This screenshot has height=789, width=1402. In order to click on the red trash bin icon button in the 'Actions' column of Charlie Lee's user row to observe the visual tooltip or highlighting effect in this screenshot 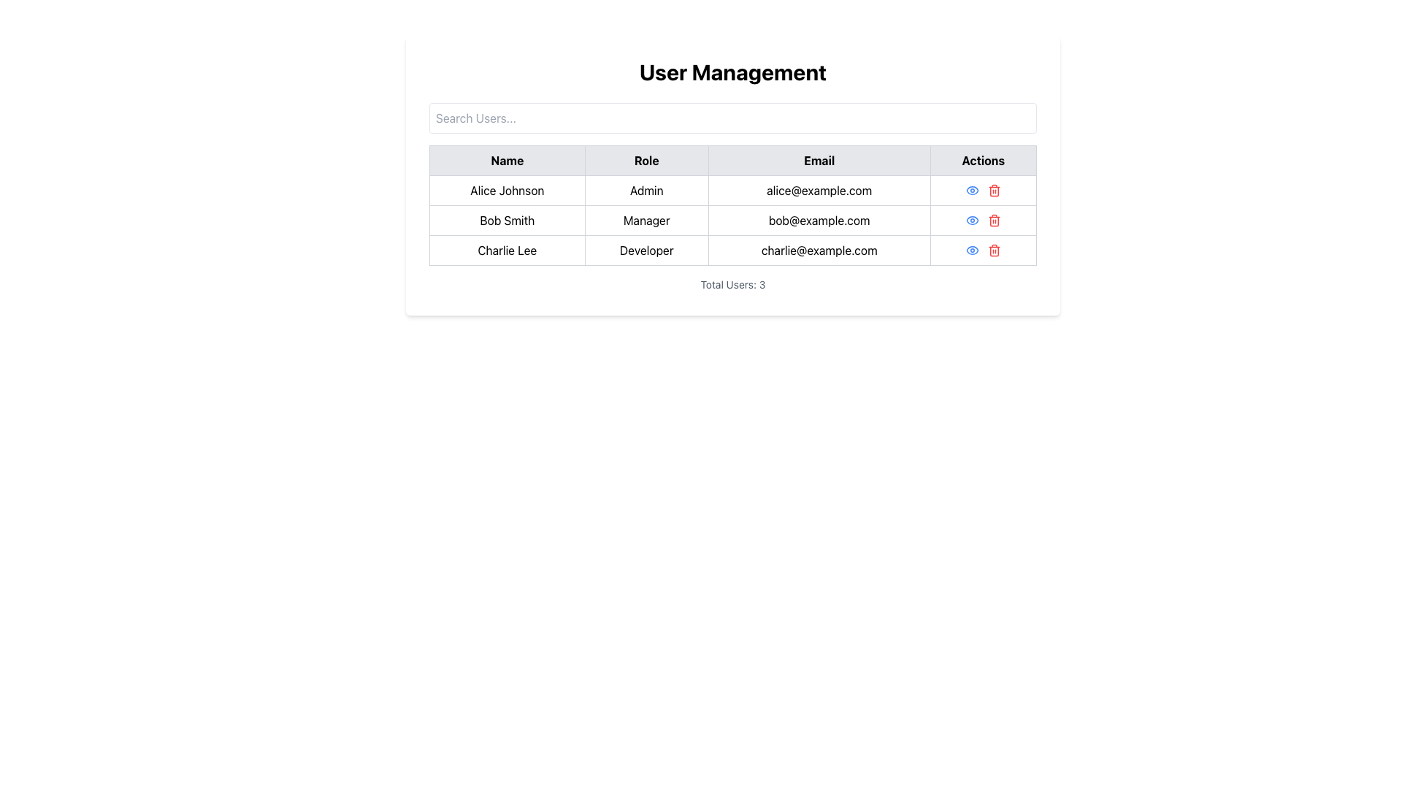, I will do `click(993, 250)`.